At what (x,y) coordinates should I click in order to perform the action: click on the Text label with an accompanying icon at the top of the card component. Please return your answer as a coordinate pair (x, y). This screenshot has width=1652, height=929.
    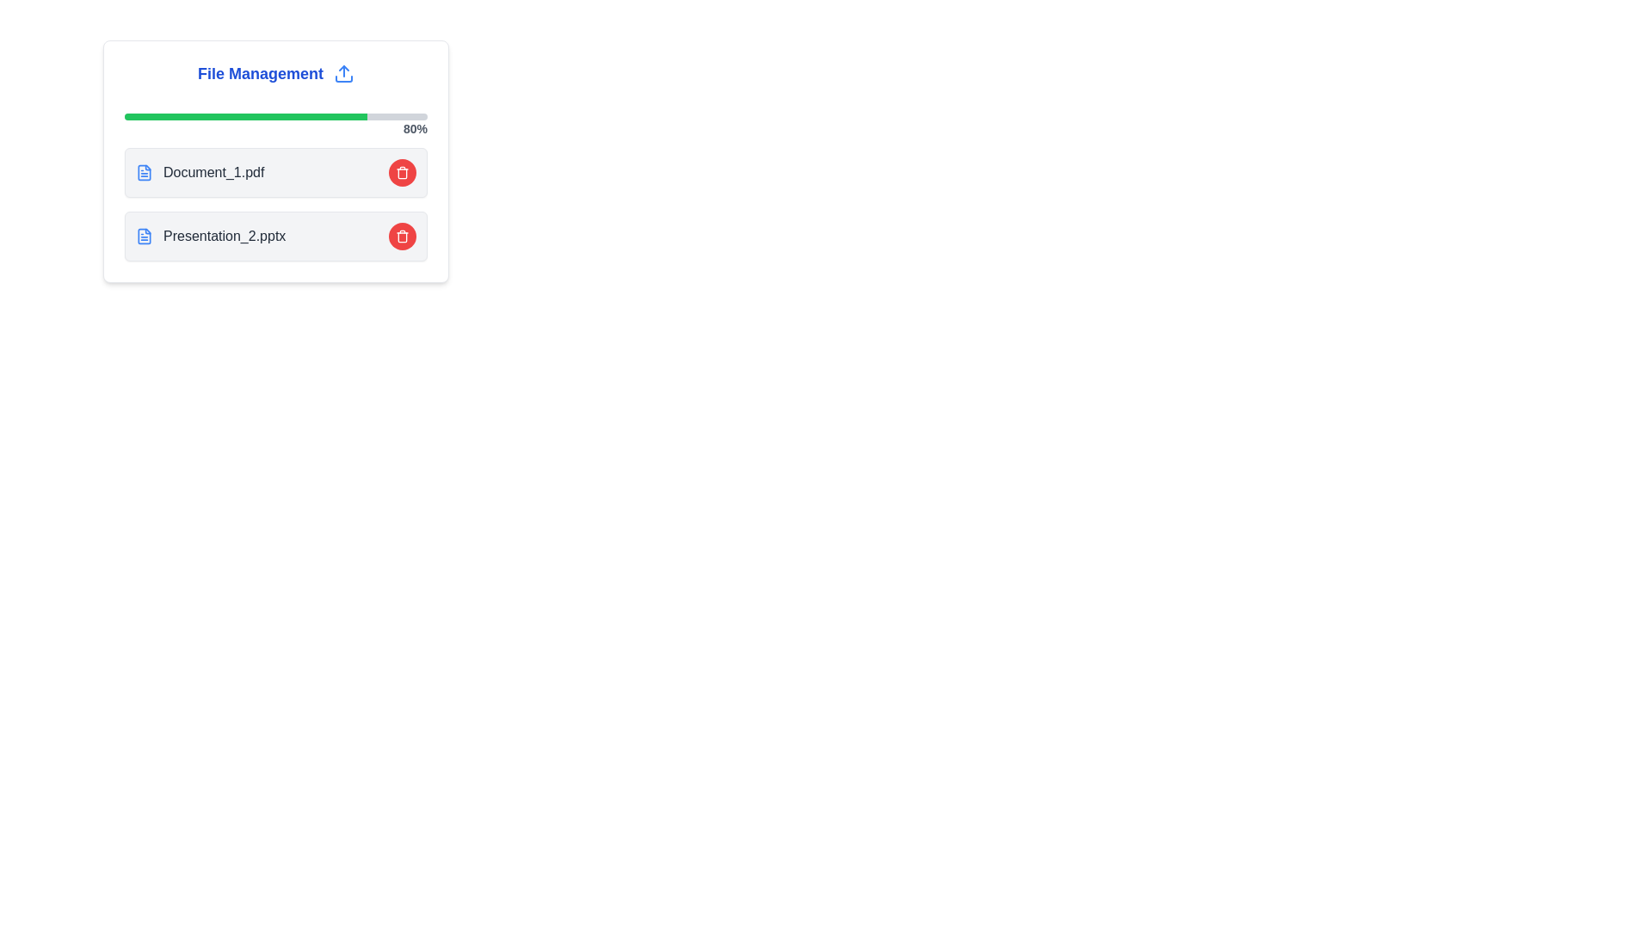
    Looking at the image, I should click on (276, 72).